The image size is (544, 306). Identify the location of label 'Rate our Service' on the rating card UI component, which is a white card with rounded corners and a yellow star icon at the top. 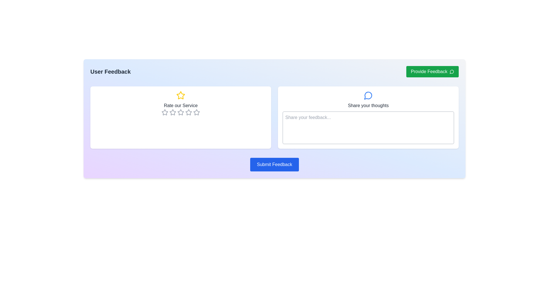
(180, 117).